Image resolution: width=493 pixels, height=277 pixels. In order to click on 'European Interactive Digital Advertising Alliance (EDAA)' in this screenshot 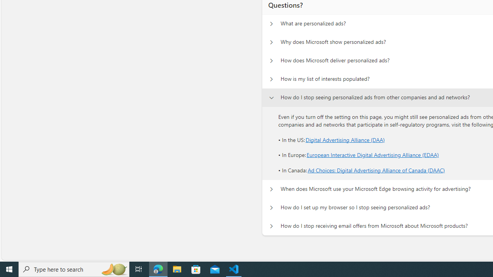, I will do `click(373, 155)`.